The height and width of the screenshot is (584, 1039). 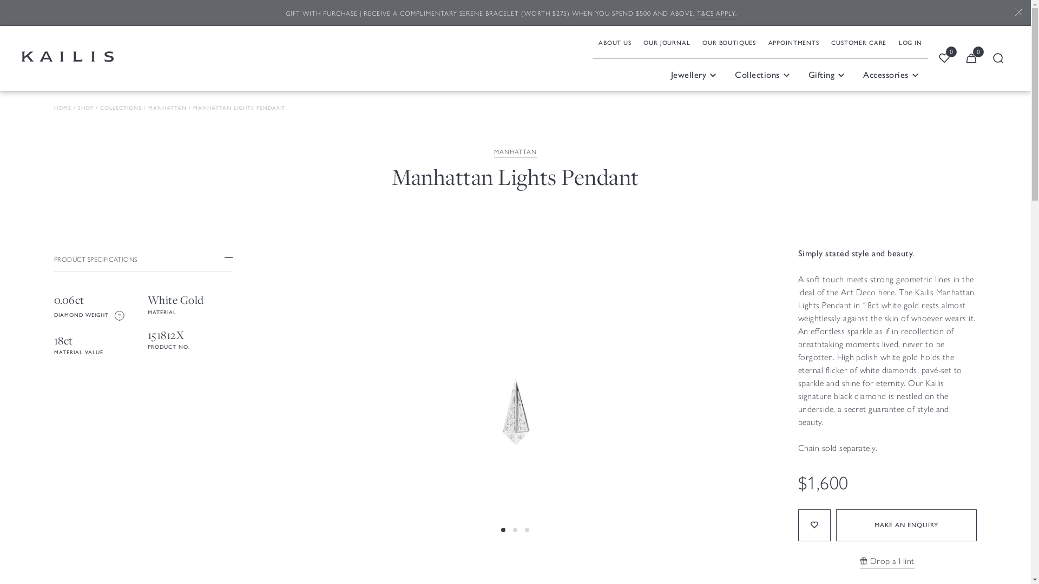 I want to click on '2', so click(x=514, y=556).